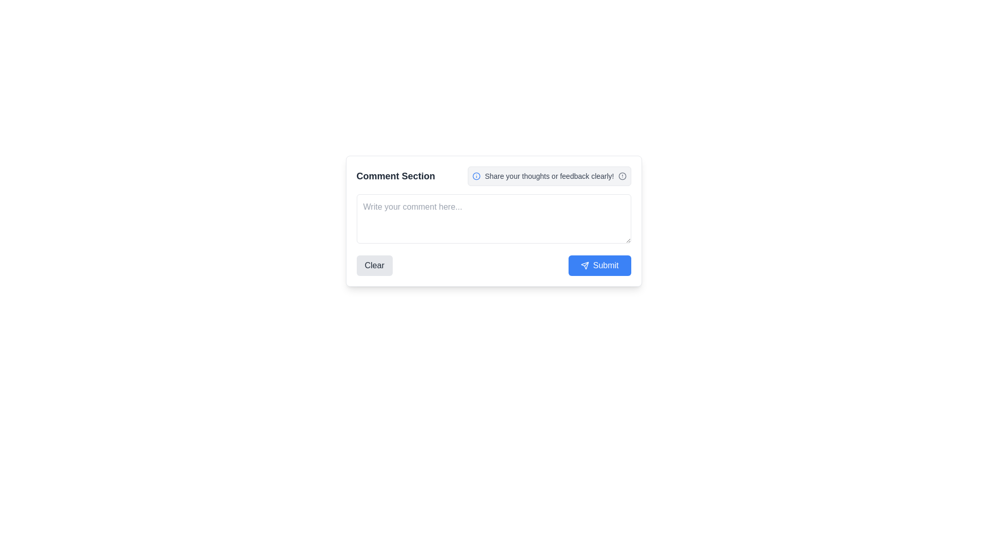 The width and height of the screenshot is (987, 555). What do you see at coordinates (549, 176) in the screenshot?
I see `the informational text label displaying the message 'Share your thoughts or feedback clearly!' which is situated within a rounded box with a light gray background, positioned near an informational icon` at bounding box center [549, 176].